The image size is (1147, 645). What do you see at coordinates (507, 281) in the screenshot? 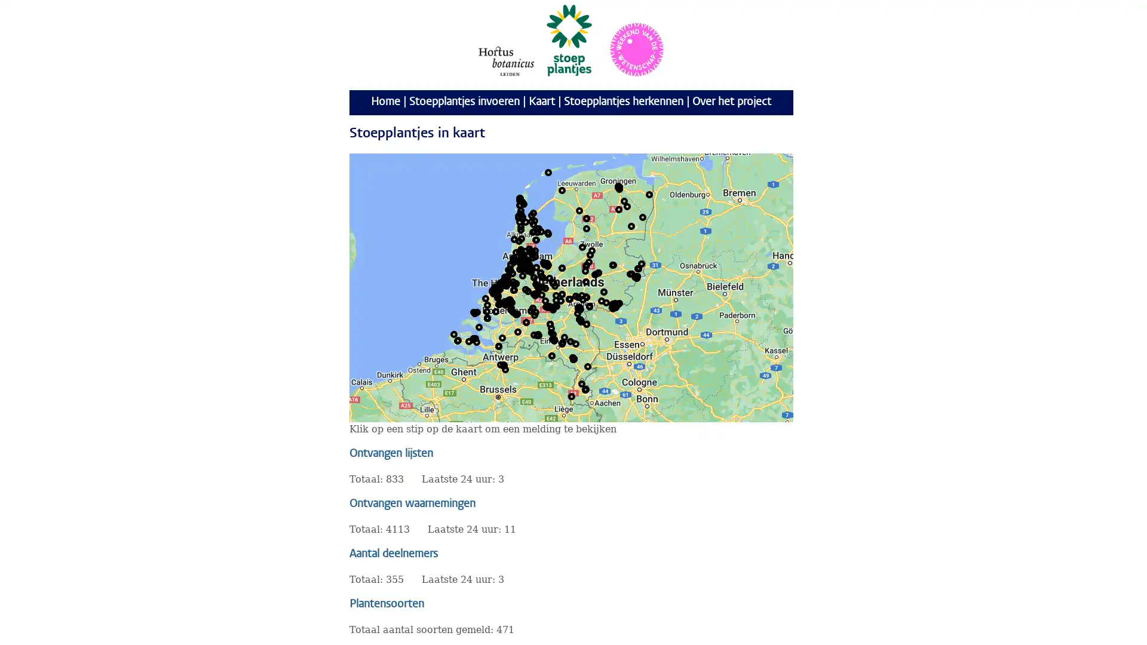
I see `Telling van Maddy op 26 juni 2022` at bounding box center [507, 281].